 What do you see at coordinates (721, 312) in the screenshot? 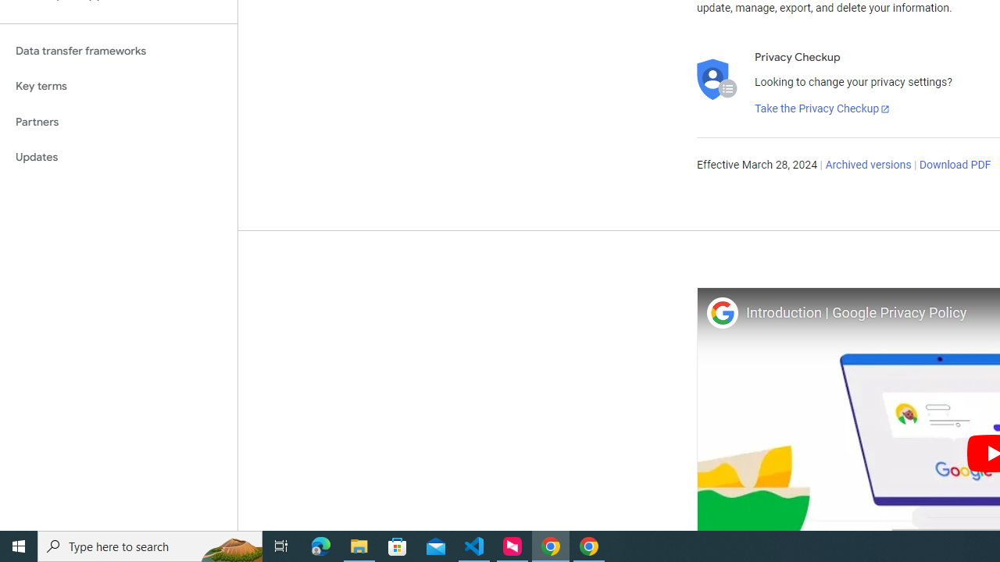
I see `'Photo image of Google'` at bounding box center [721, 312].